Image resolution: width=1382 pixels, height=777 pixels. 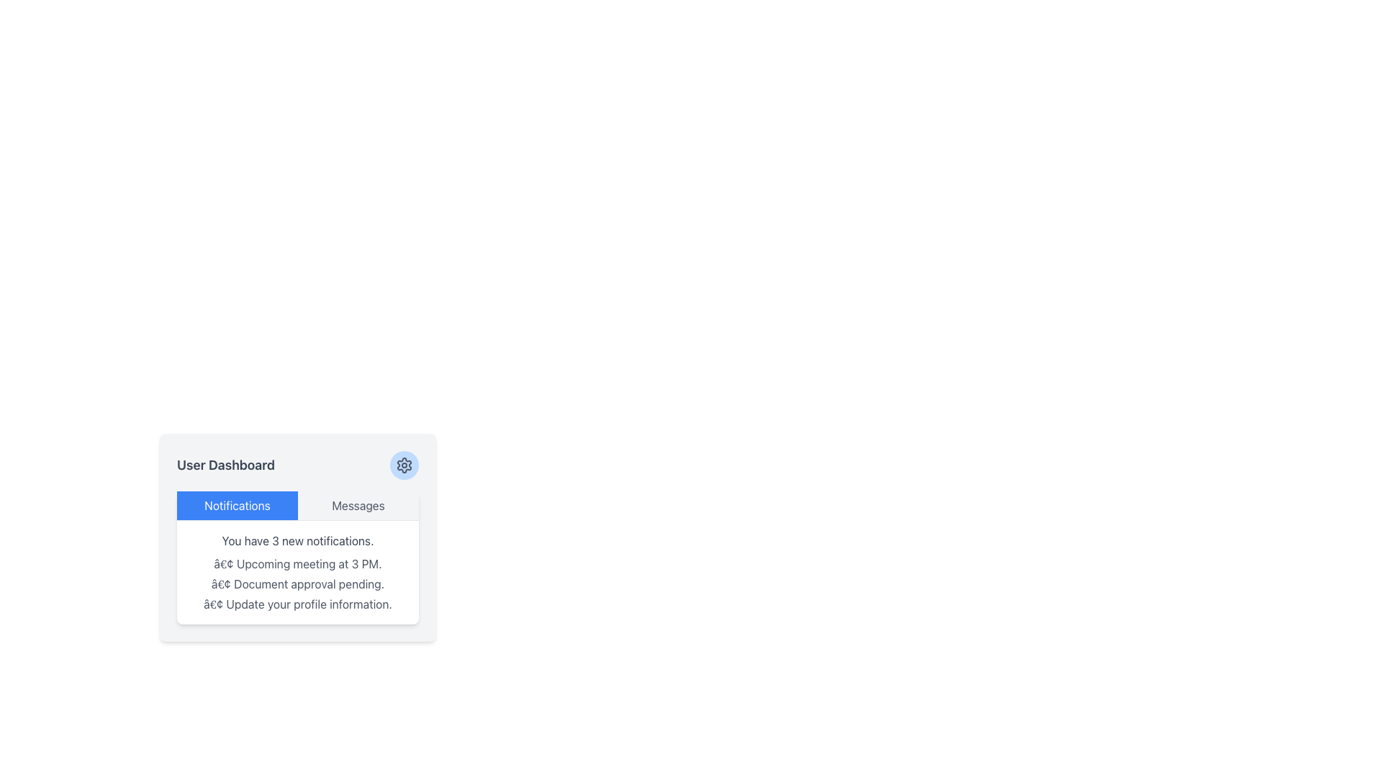 I want to click on the settings button located at the top-right corner of the 'User Dashboard', adjacent to the 'User Dashboard' text, so click(x=403, y=465).